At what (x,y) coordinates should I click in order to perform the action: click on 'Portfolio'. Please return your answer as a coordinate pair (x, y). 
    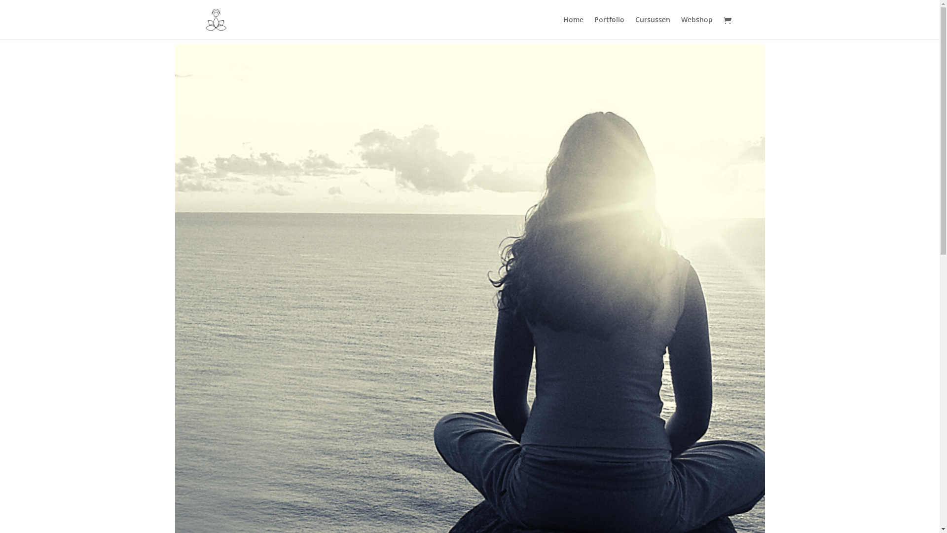
    Looking at the image, I should click on (608, 27).